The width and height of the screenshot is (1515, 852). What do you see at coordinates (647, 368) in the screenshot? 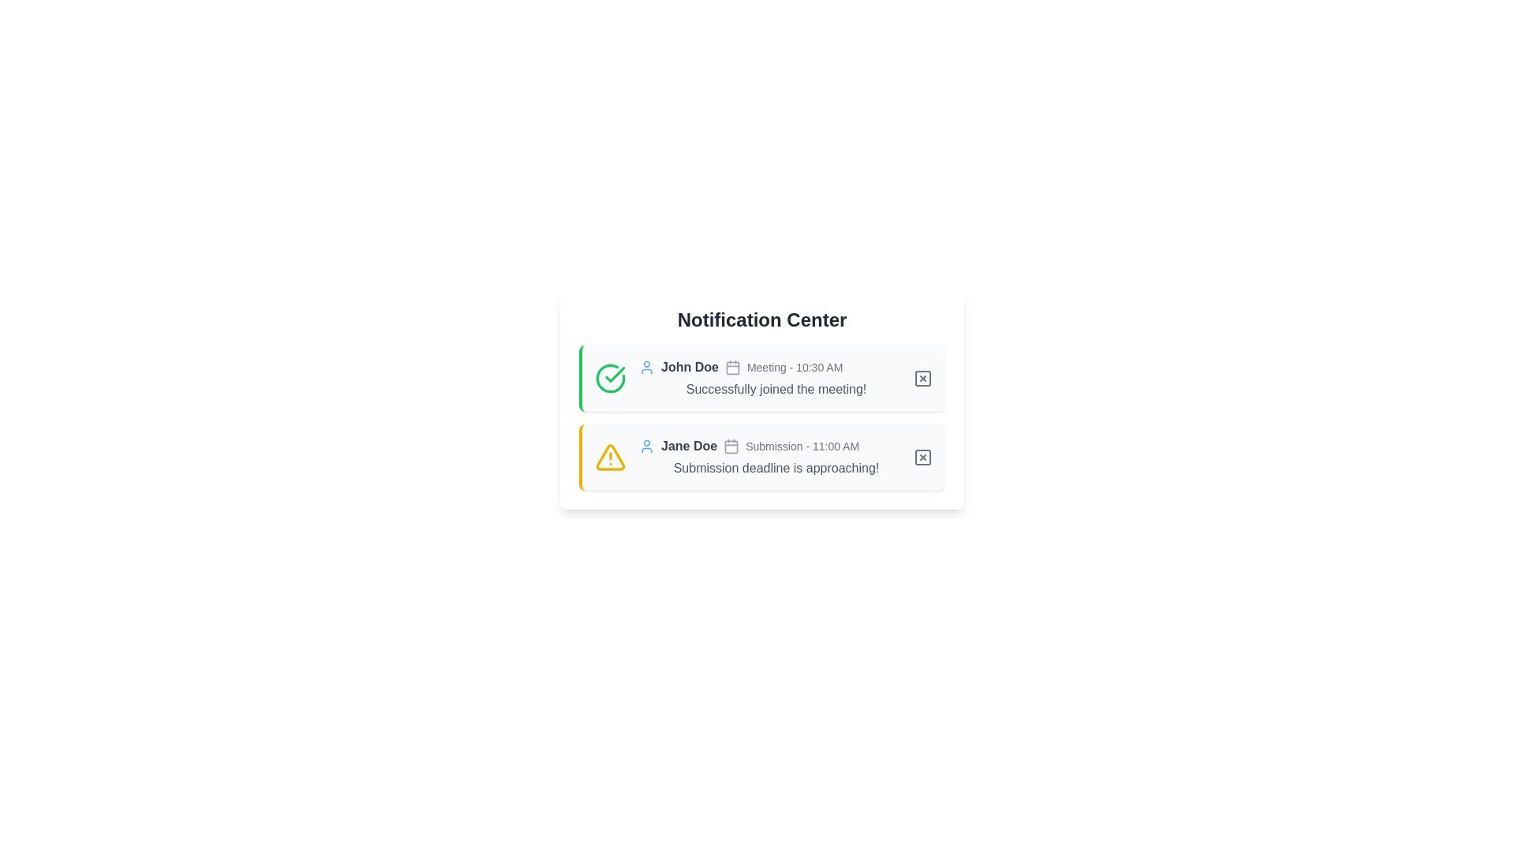
I see `the small user icon depicted in a simplistic style with a round head and semi-circular body outline, located at the leftmost position in the first entry of the notification list adjacent to the name 'John Doe'` at bounding box center [647, 368].